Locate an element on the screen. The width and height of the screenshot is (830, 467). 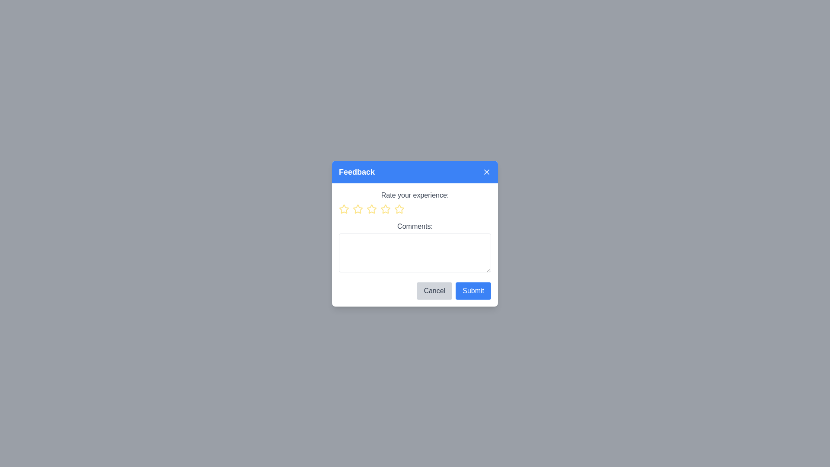
the second star-shaped rating icon, which is yellow outlined and part of a horizontal row of five stars is located at coordinates (358, 209).